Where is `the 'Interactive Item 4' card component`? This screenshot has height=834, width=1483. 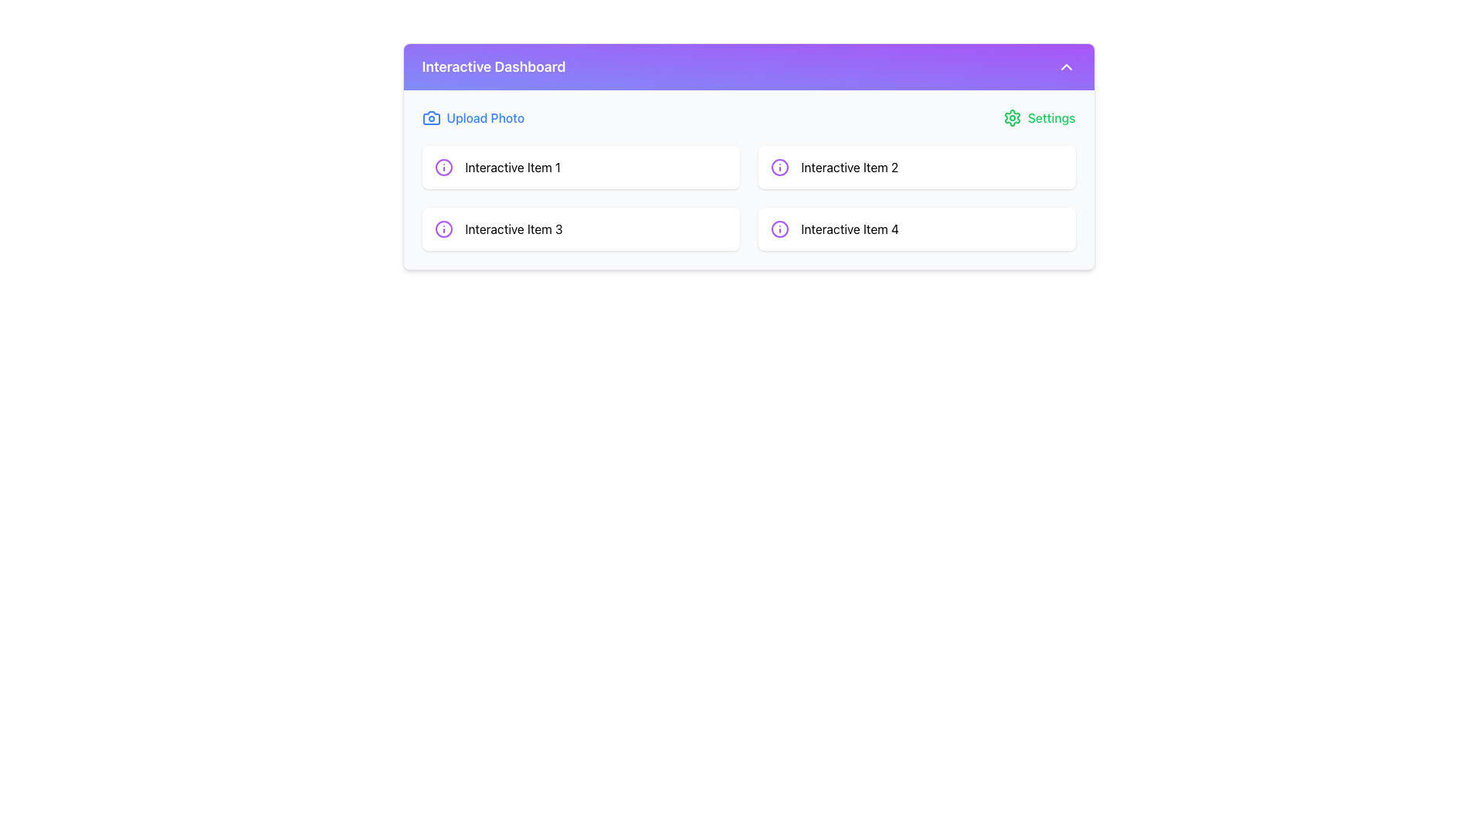 the 'Interactive Item 4' card component is located at coordinates (916, 229).